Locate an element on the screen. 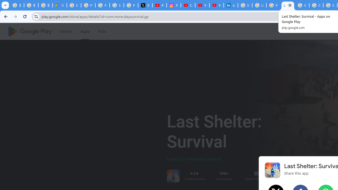 This screenshot has width=338, height=190. 'Privacy Help Center - Policies Help' is located at coordinates (102, 5).